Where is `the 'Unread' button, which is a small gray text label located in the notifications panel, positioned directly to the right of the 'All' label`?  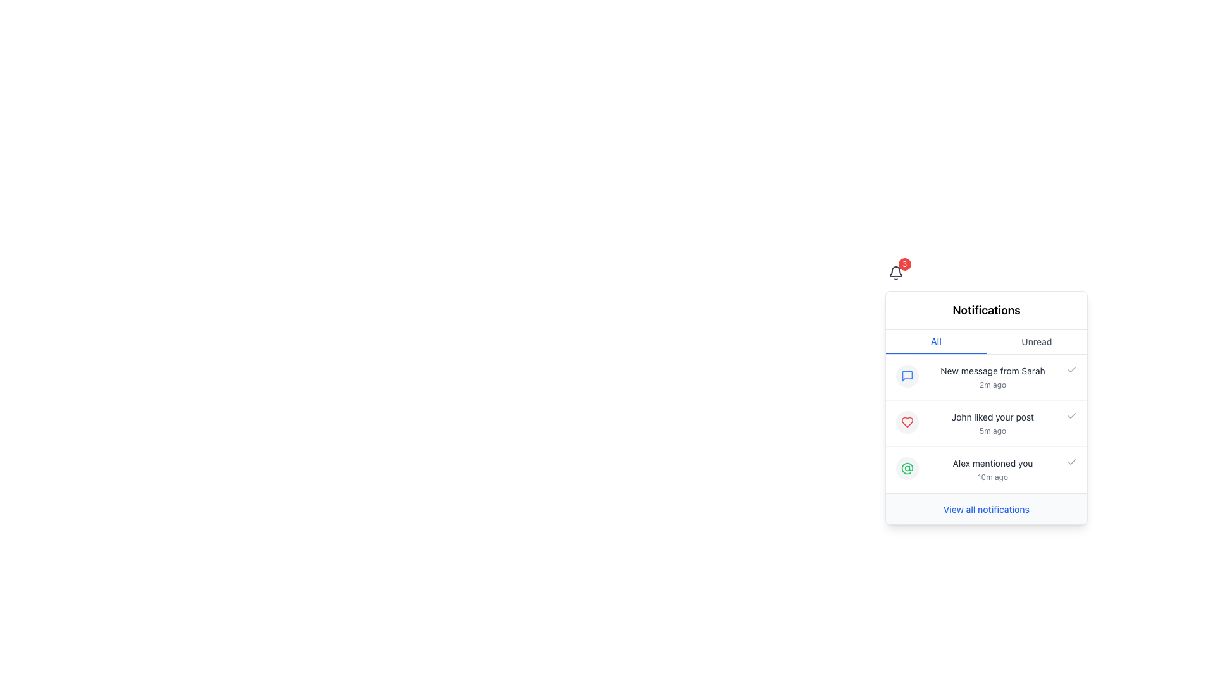 the 'Unread' button, which is a small gray text label located in the notifications panel, positioned directly to the right of the 'All' label is located at coordinates (1037, 341).